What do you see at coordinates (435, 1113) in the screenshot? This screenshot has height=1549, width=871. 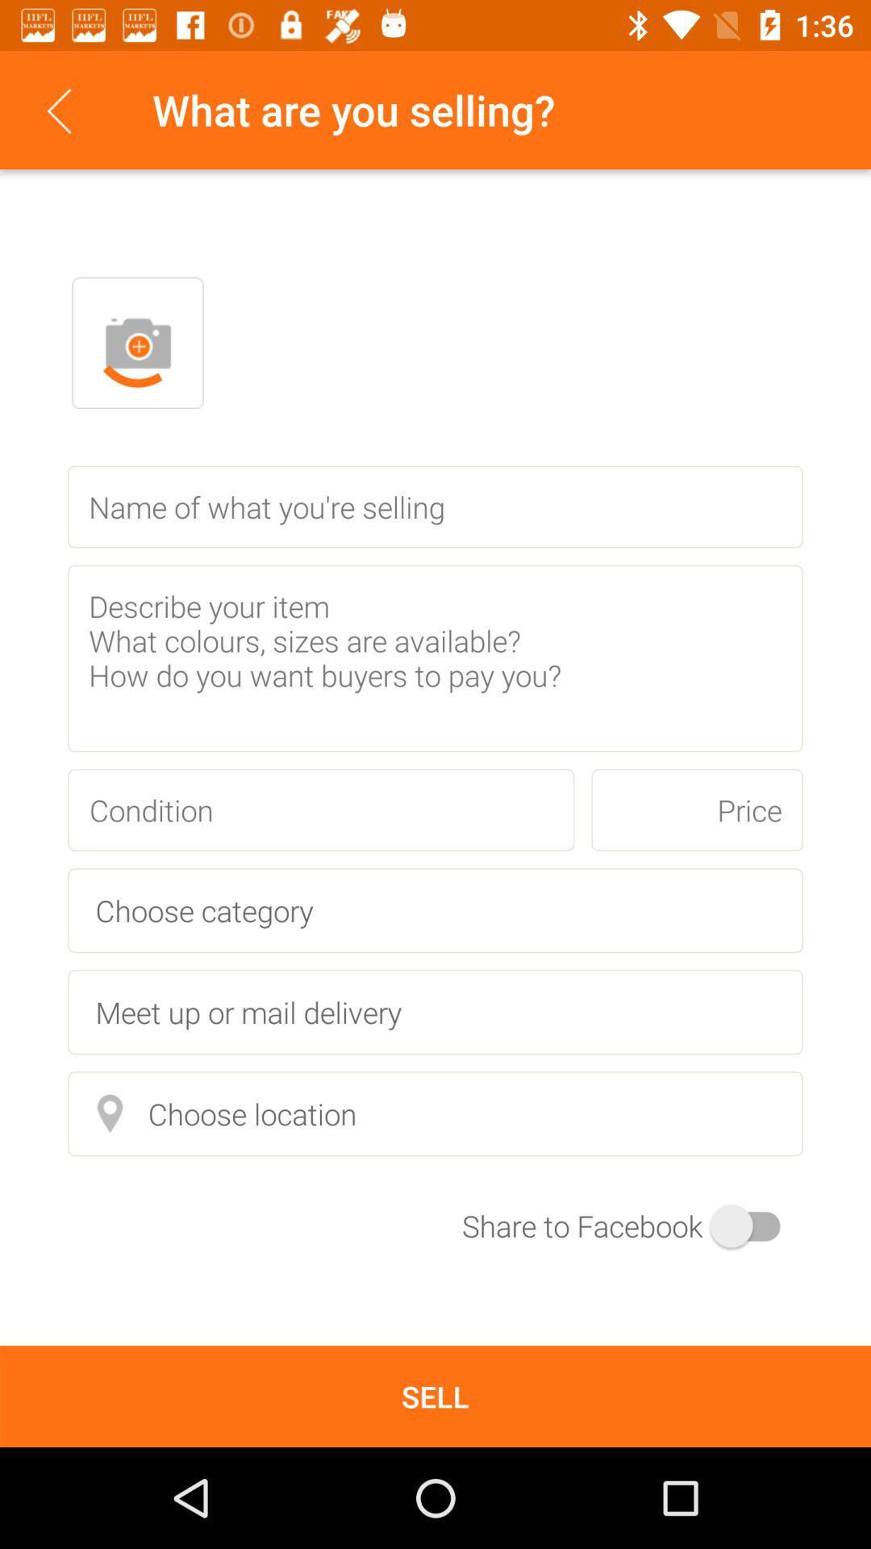 I see `item above the share to facebook` at bounding box center [435, 1113].